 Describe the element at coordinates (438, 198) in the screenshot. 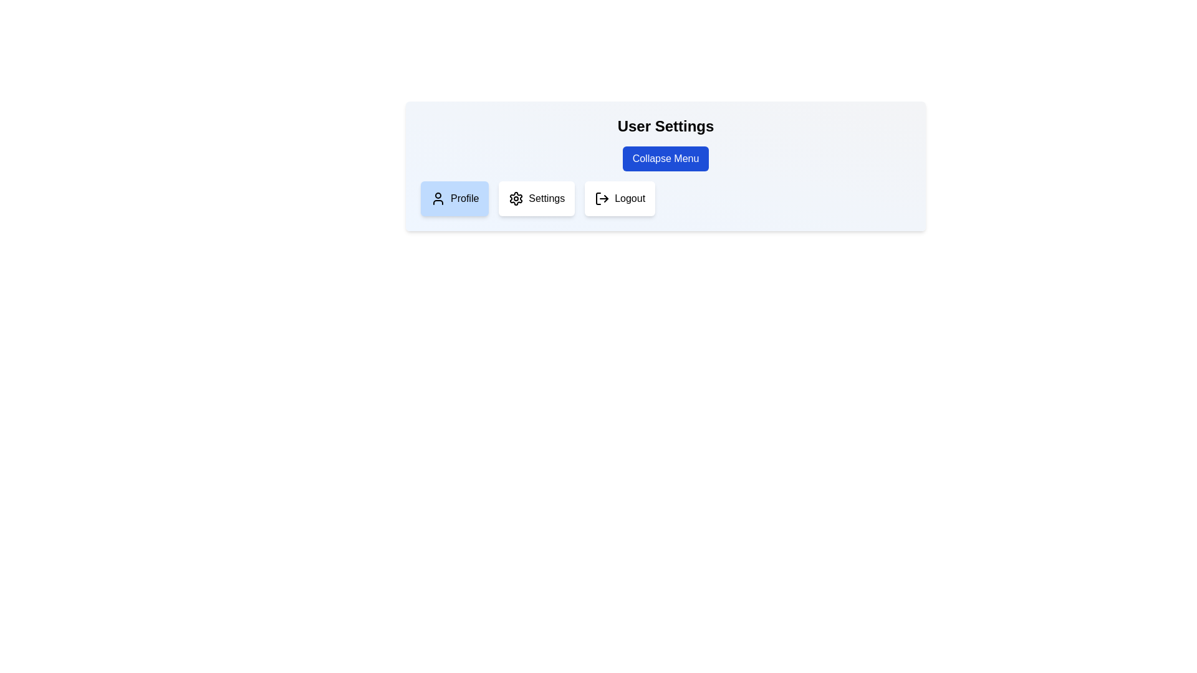

I see `the Profile icon to interact with it` at that location.